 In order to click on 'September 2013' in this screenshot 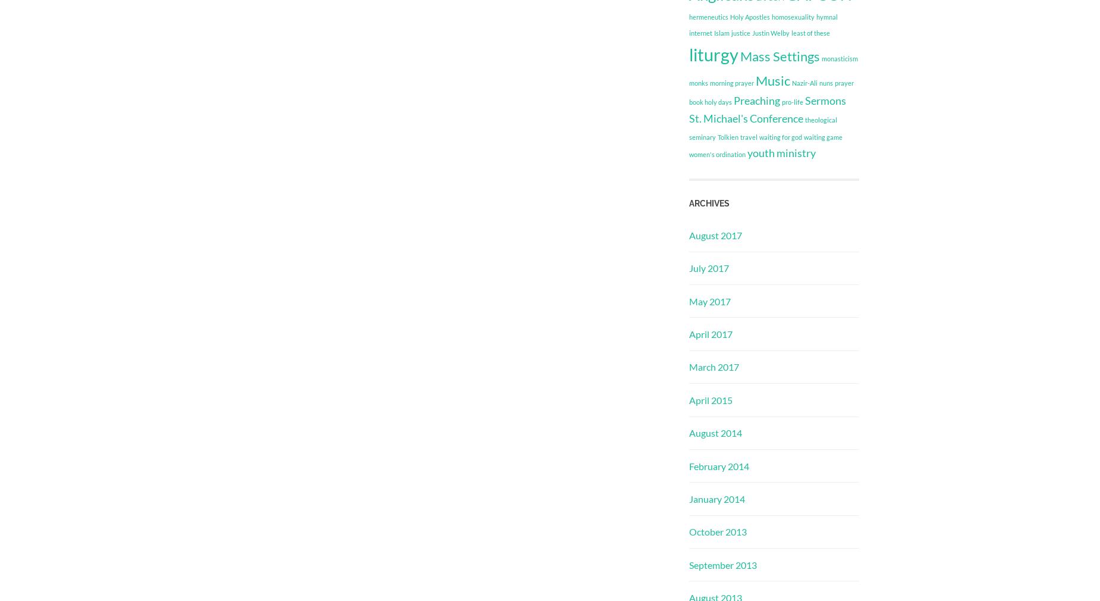, I will do `click(722, 564)`.